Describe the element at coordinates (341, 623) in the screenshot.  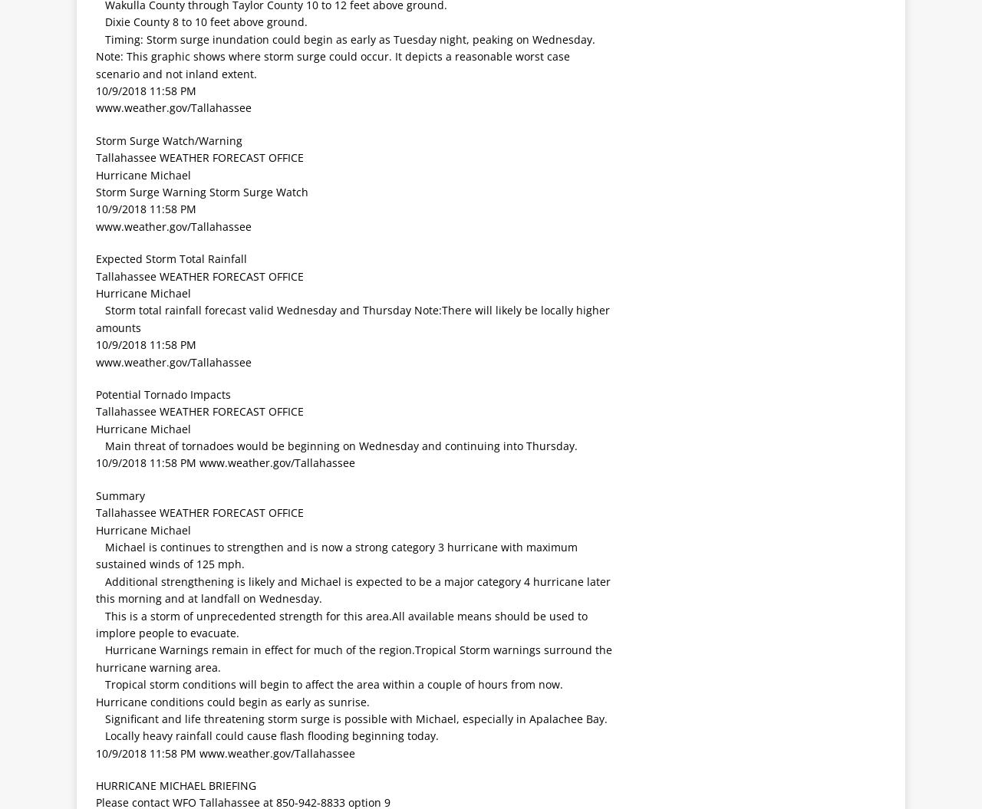
I see `' This is a storm of unprecedented strength for this area.All available means should be used to implore people to evacuate.'` at that location.